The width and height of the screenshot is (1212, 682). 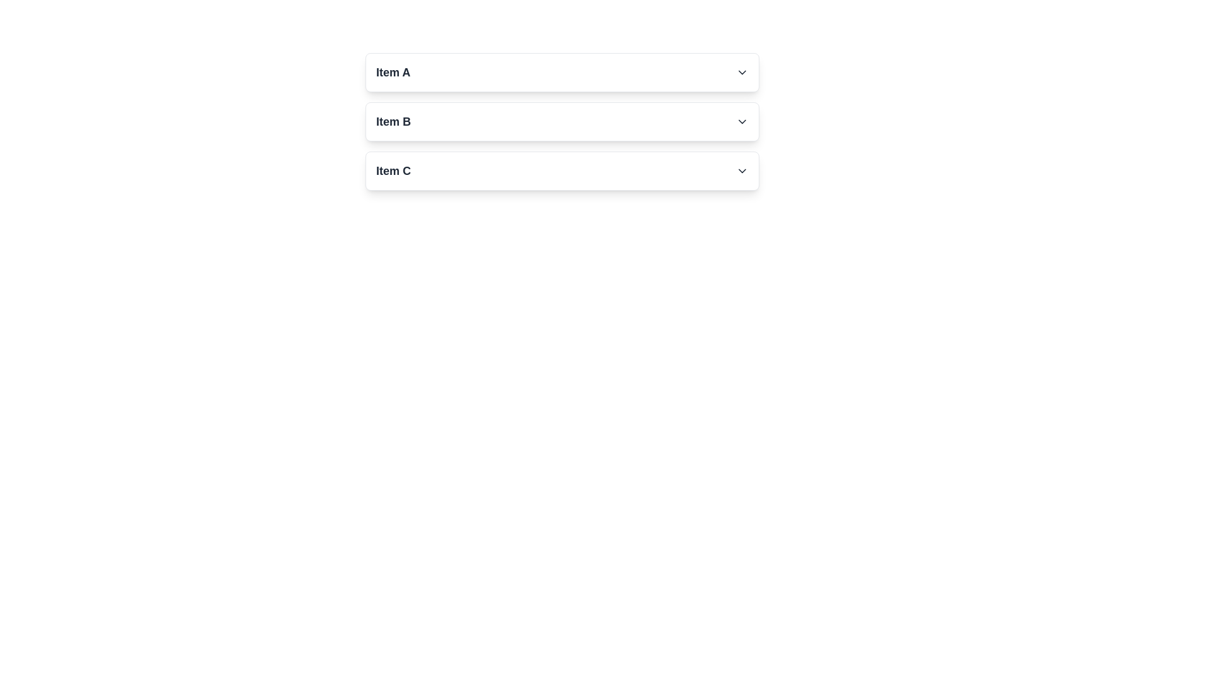 I want to click on the second list item, which represents 'Item B', so click(x=562, y=121).